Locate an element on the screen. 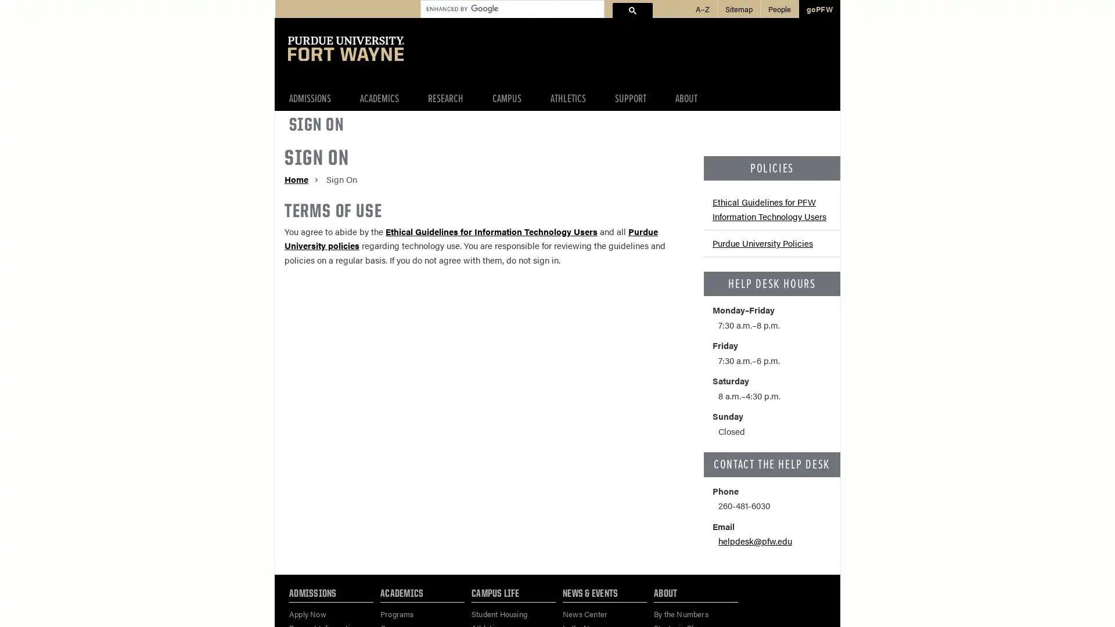  search is located at coordinates (631, 10).